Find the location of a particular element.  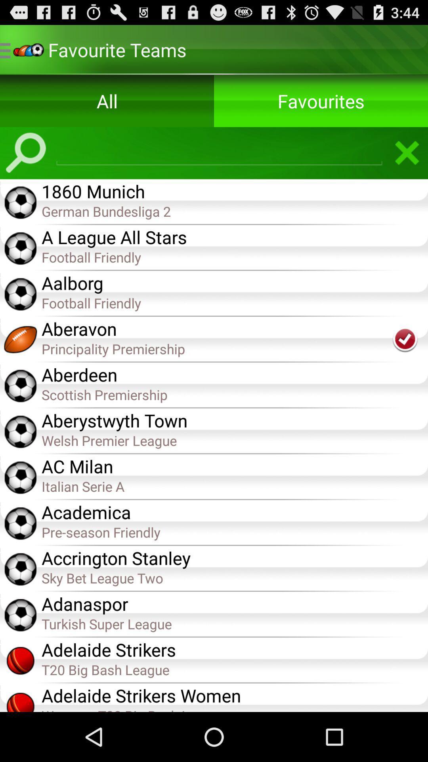

ac milan item is located at coordinates (234, 466).